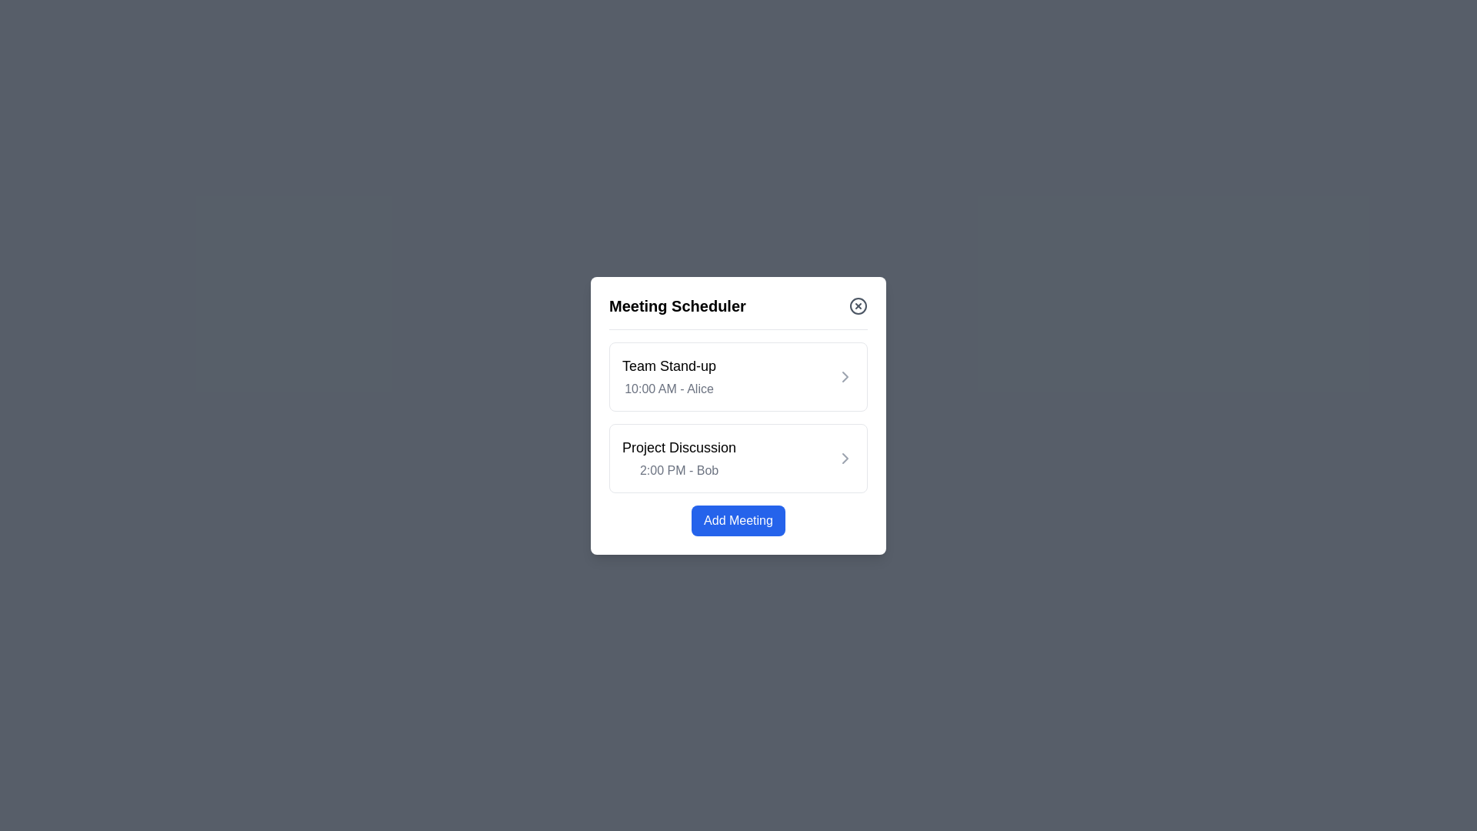  Describe the element at coordinates (678, 457) in the screenshot. I see `the text block containing 'Project Discussion' and '2:00 PM - Bob' in the 'Meeting Scheduler' modal, which is the second entry in the list` at that location.